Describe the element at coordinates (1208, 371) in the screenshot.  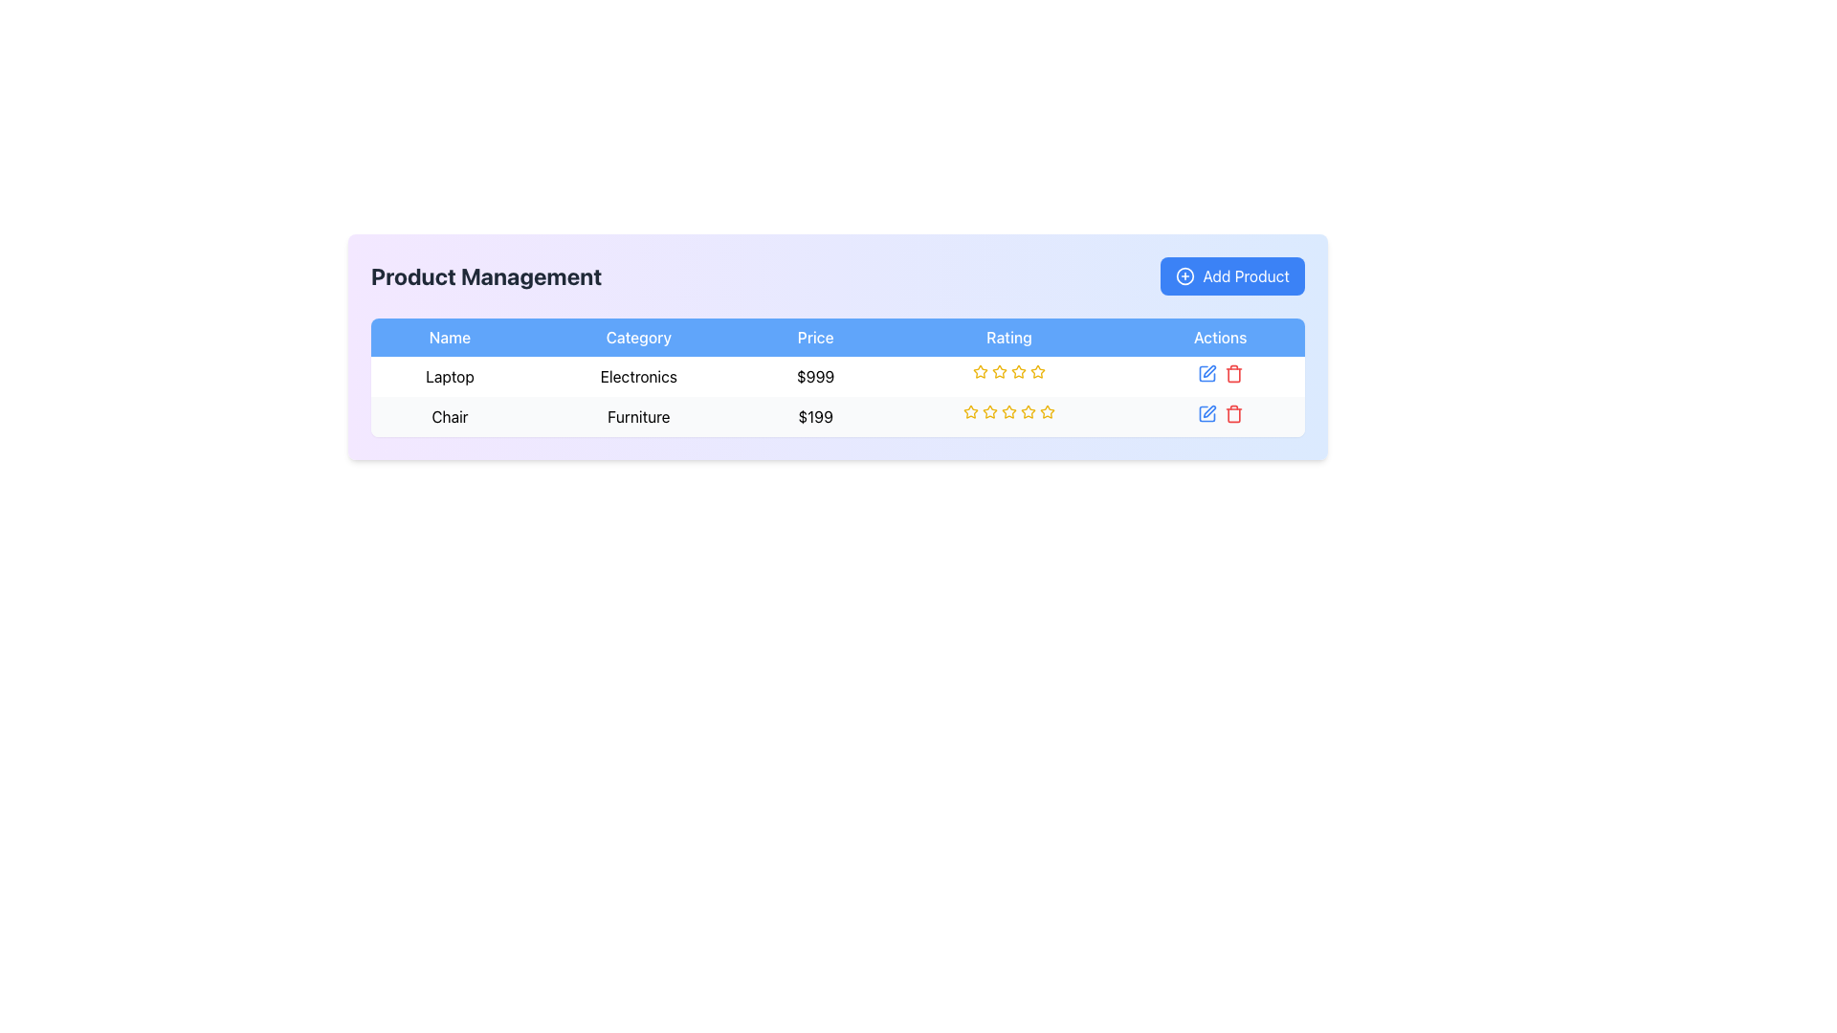
I see `the edit action icon in the 'Actions' column of the second row for the entry labeled 'Chair'` at that location.